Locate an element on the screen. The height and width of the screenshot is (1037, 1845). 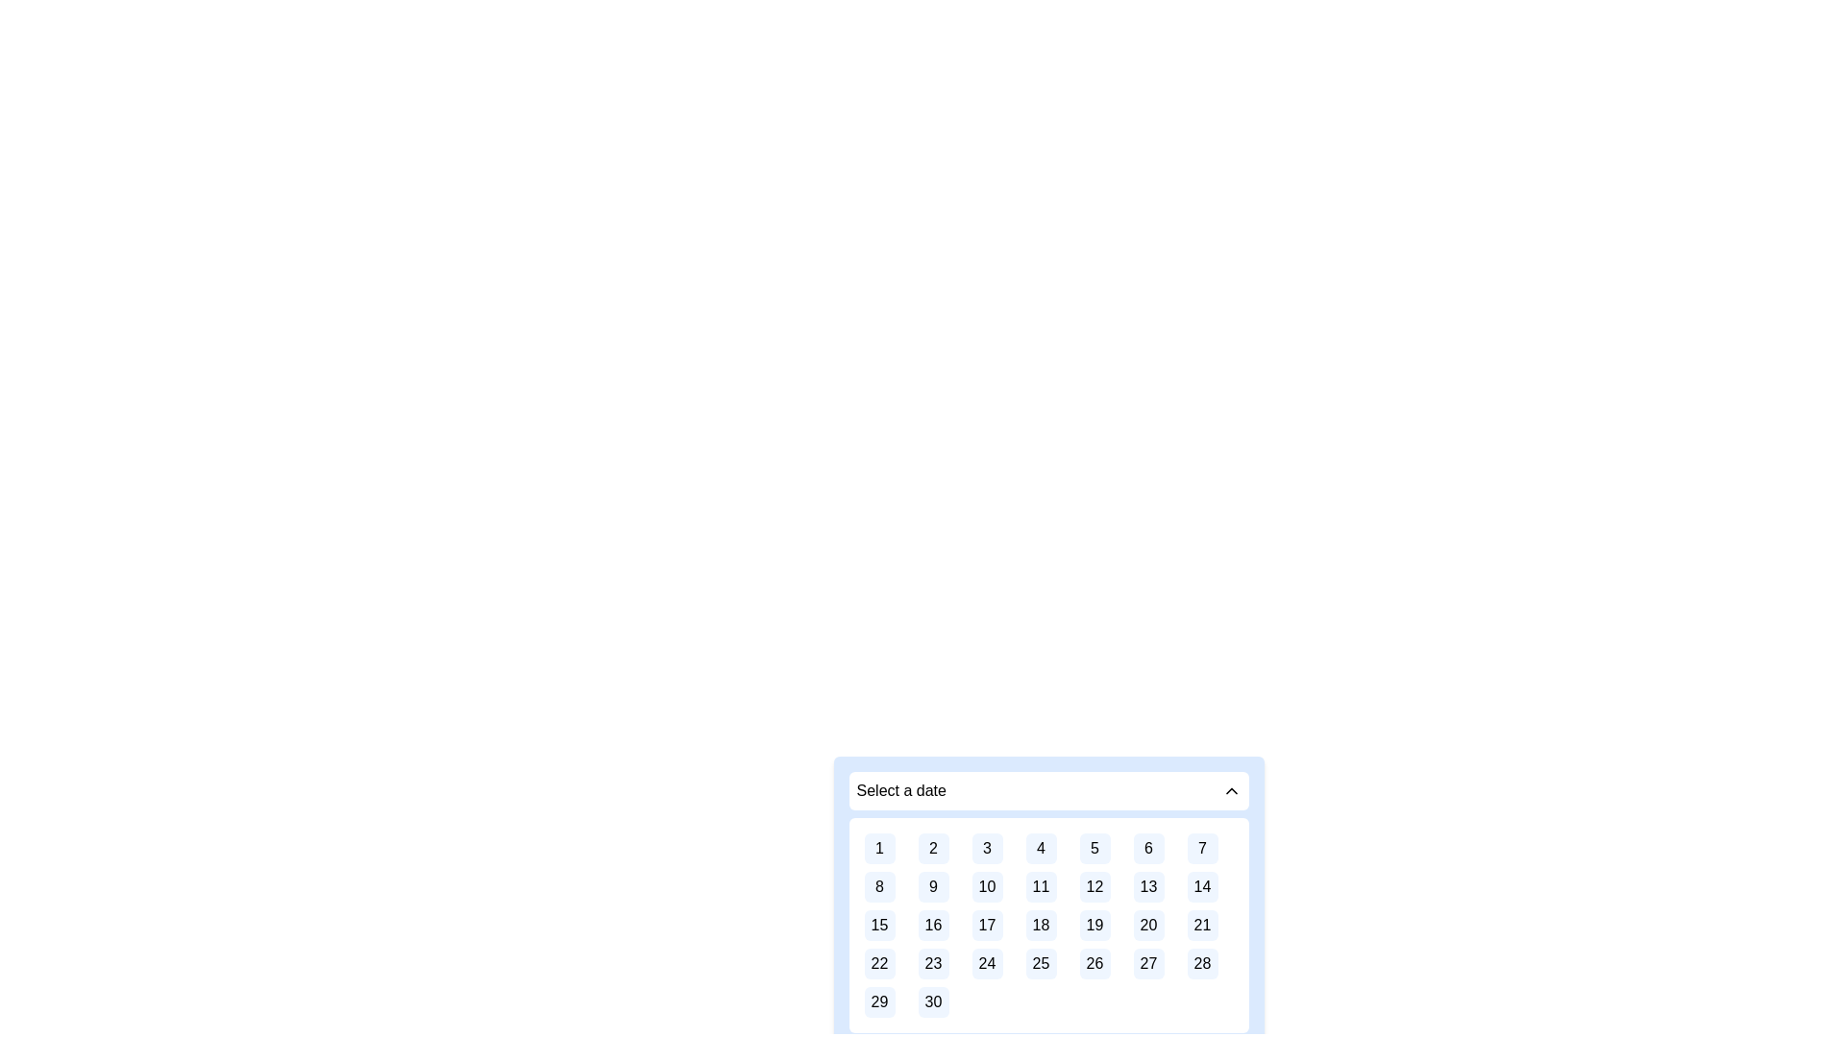
the small, square button with rounded corners and a light blue background featuring a black numeral '4' is located at coordinates (1040, 847).